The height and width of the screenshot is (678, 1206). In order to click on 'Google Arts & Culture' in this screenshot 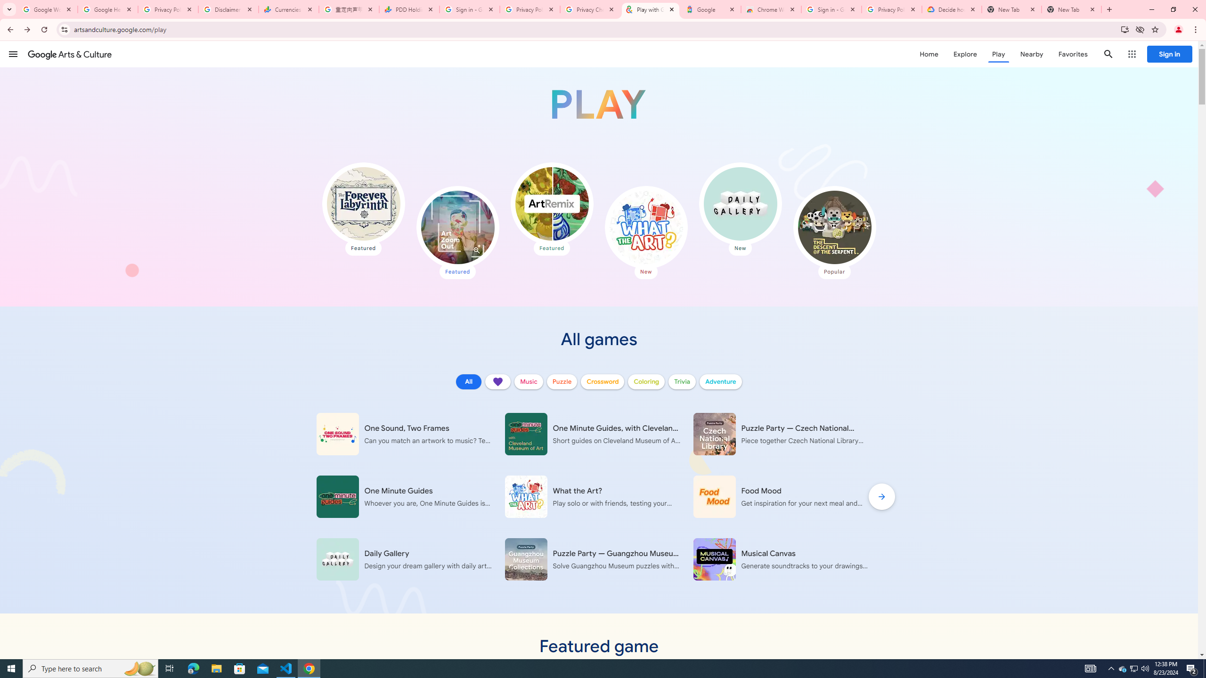, I will do `click(69, 54)`.